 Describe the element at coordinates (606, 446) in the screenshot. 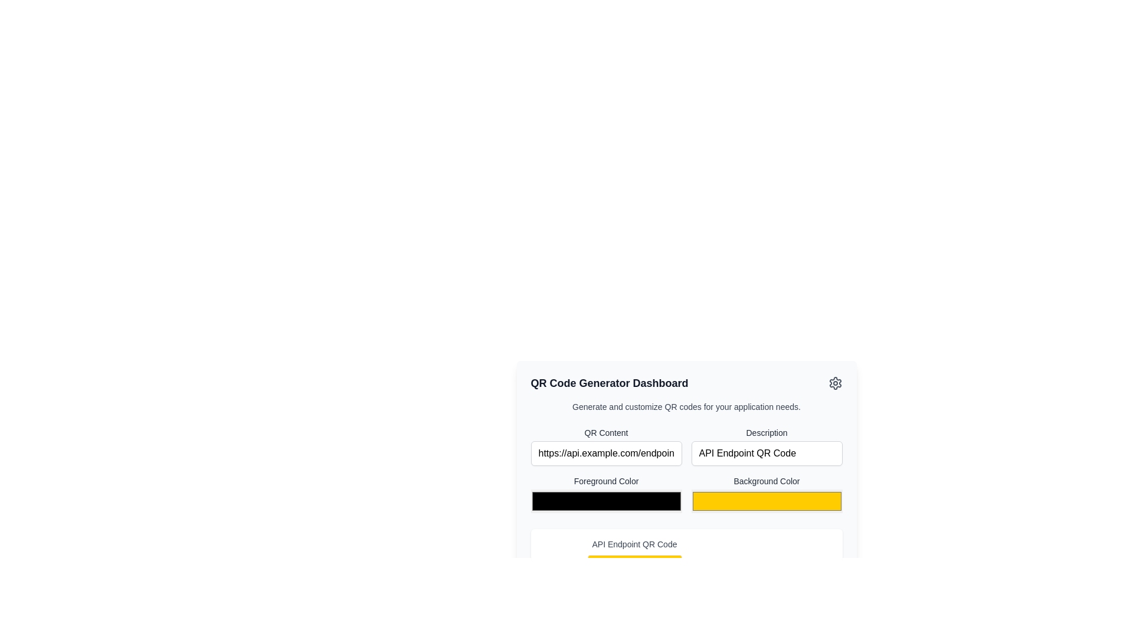

I see `the rectangular text input field located under the 'QR Content' label, which has a placeholder stating 'https://api.example.com/endpoint', to trigger any hover-specific visual effects` at that location.